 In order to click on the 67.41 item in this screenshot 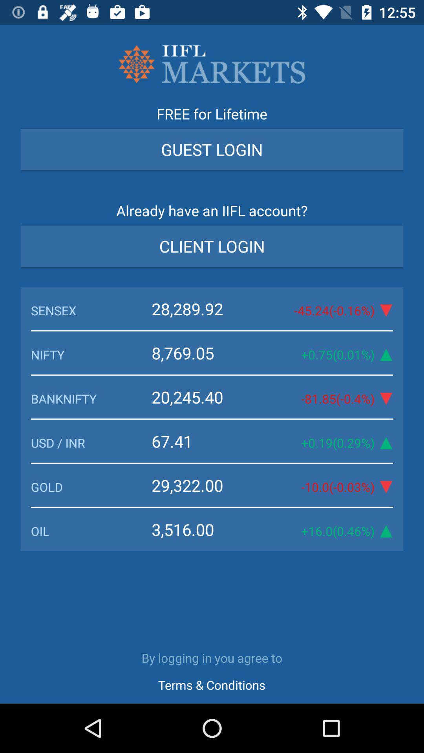, I will do `click(205, 441)`.